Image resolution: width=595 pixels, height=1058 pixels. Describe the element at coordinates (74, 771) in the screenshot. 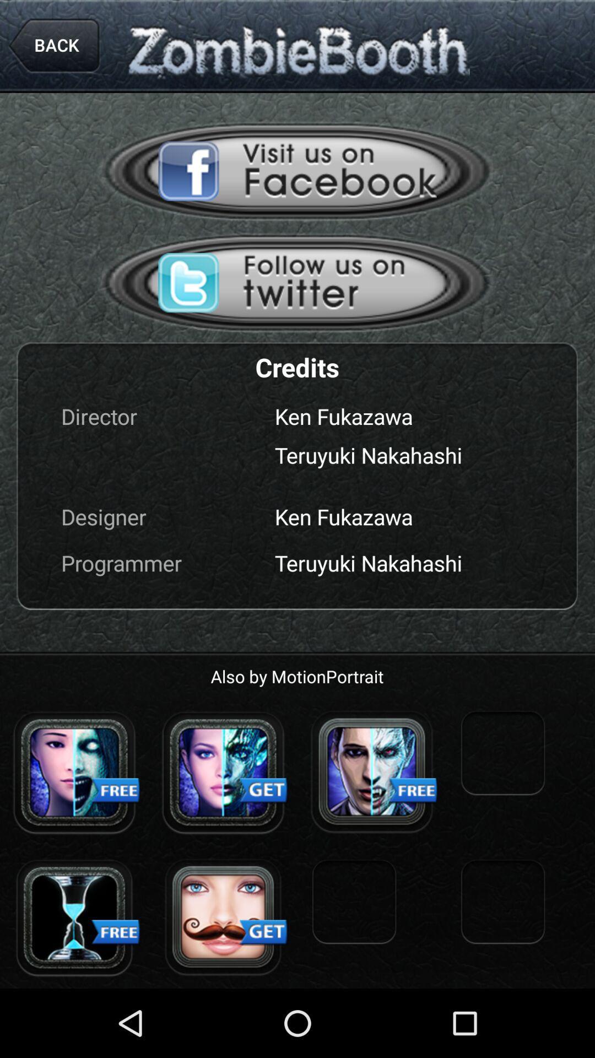

I see `chose another game option` at that location.